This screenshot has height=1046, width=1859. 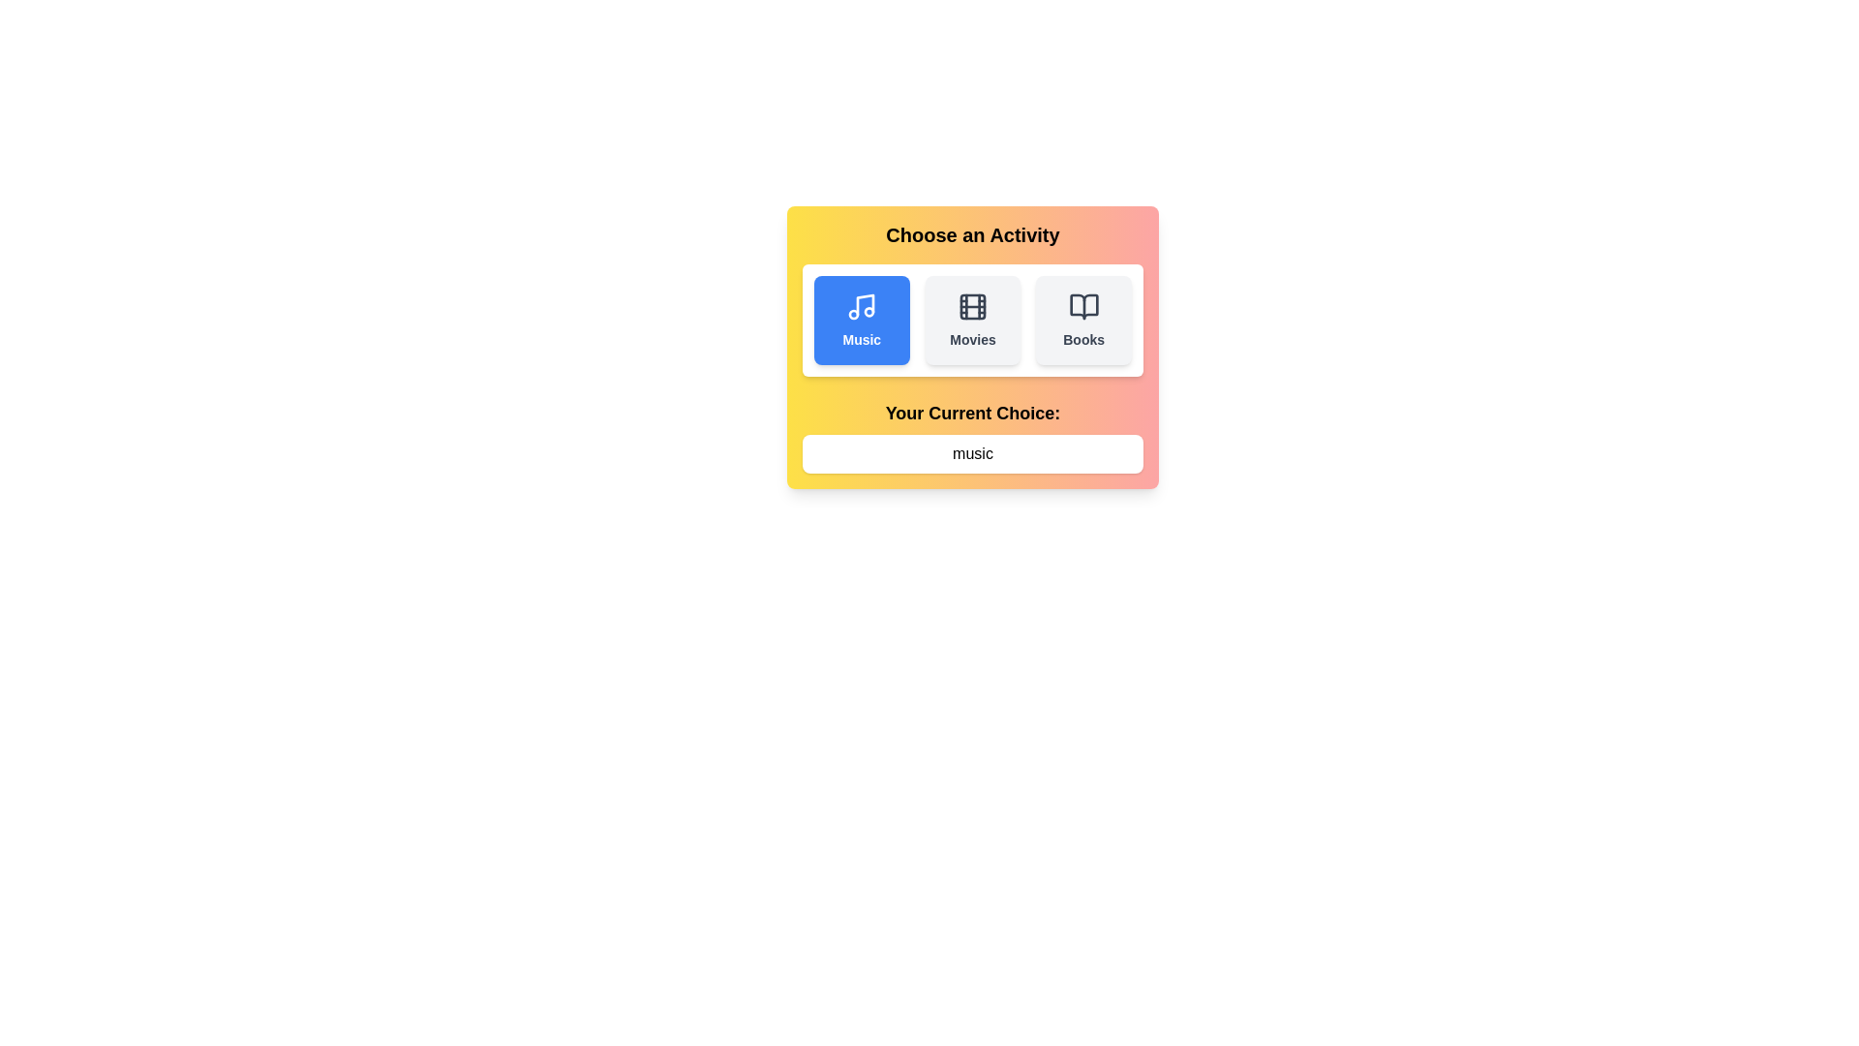 I want to click on the activity button labeled Music, so click(x=860, y=320).